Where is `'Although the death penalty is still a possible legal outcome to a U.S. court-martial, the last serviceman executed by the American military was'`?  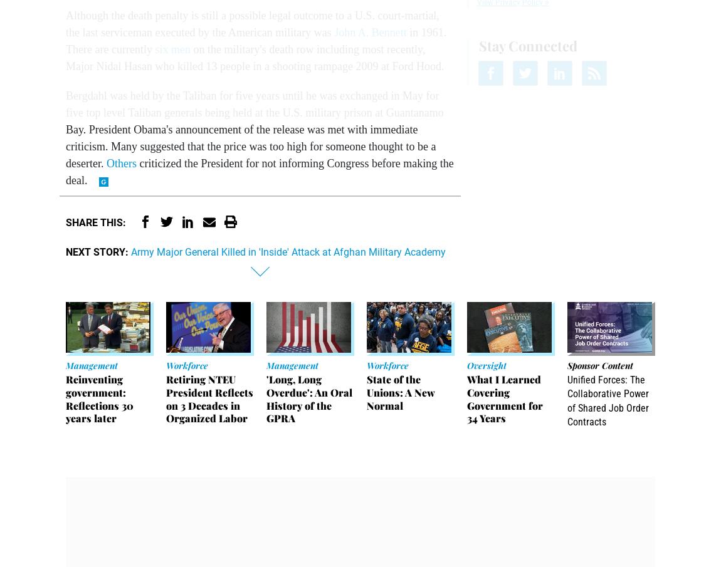 'Although the death penalty is still a possible legal outcome to a U.S. court-martial, the last serviceman executed by the American military was' is located at coordinates (252, 23).